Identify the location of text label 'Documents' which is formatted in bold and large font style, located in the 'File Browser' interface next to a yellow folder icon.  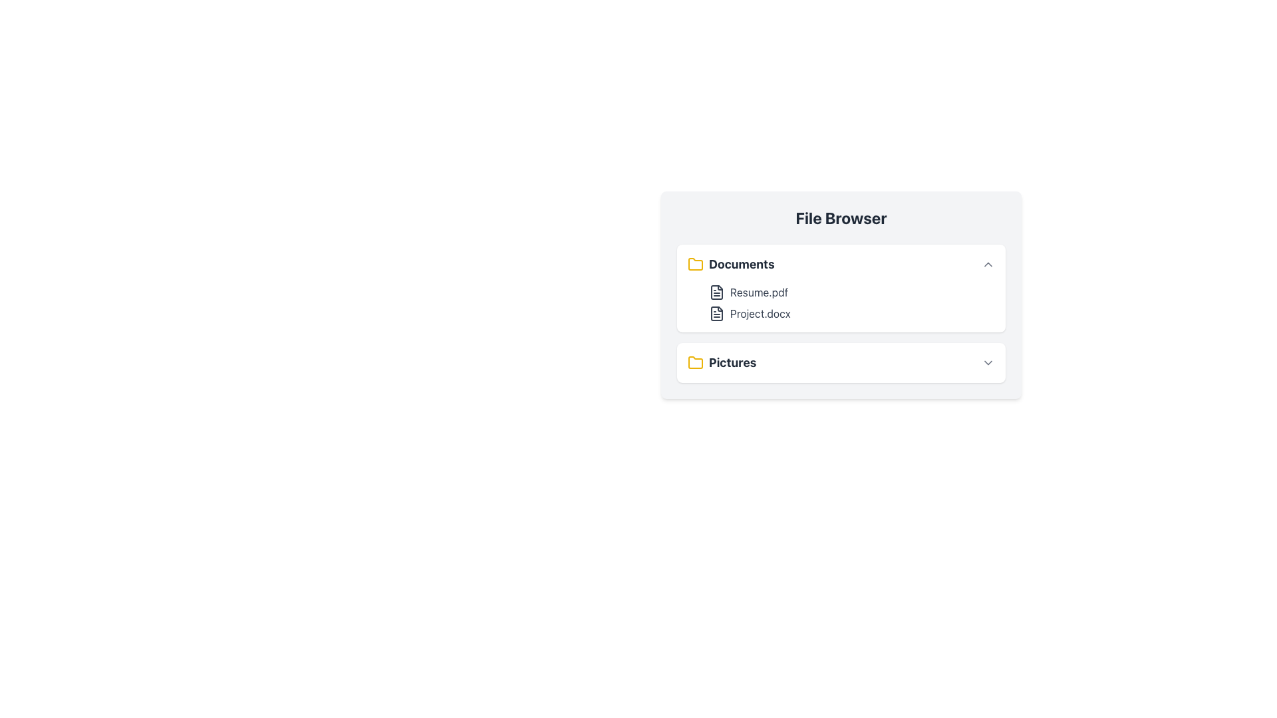
(741, 264).